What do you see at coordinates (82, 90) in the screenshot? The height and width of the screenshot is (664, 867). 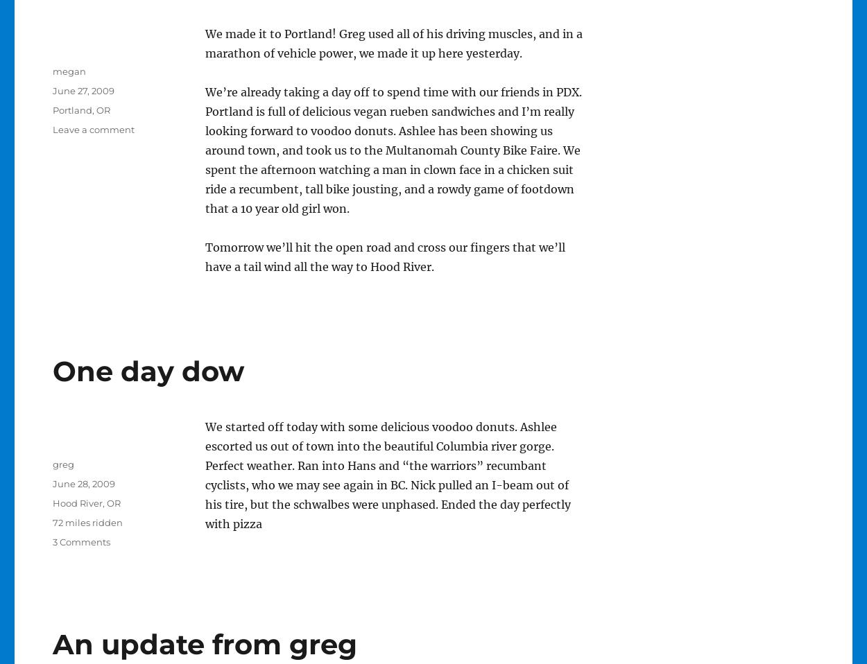 I see `'June 27, 2009'` at bounding box center [82, 90].